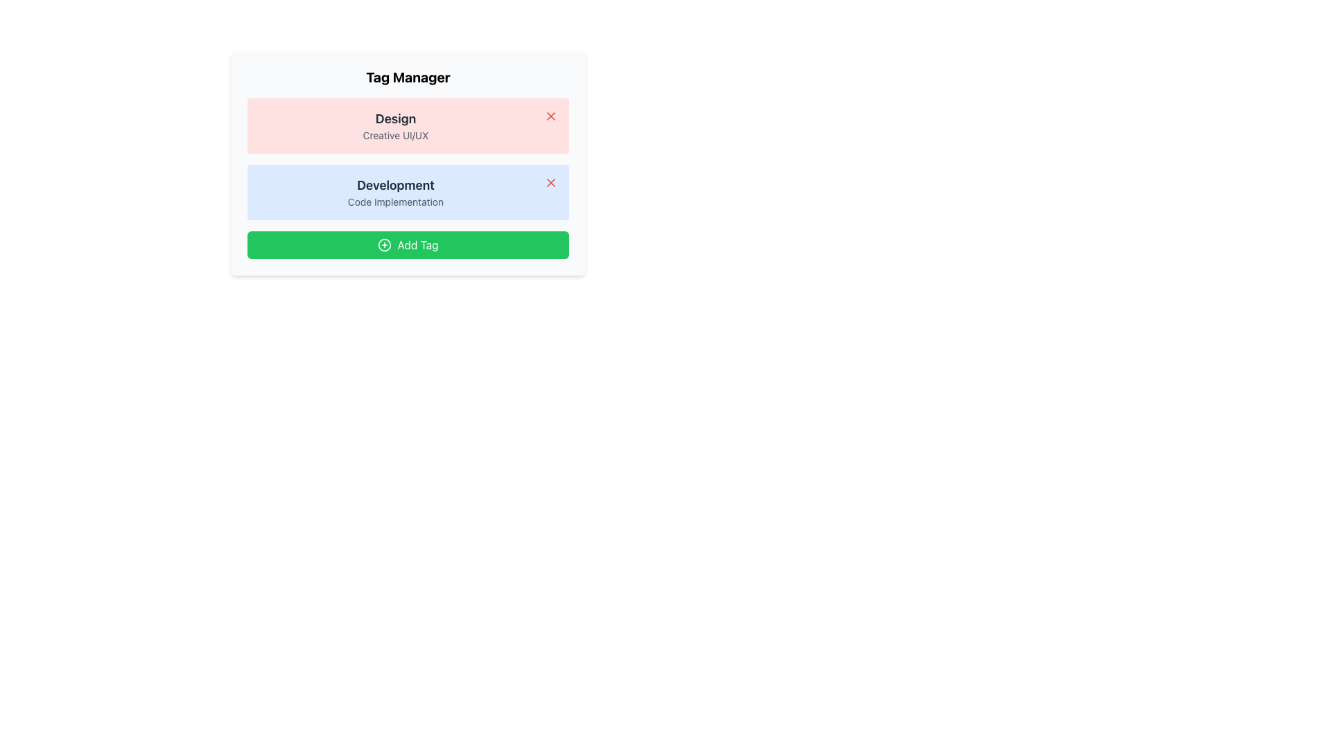 The width and height of the screenshot is (1331, 748). I want to click on the text label that reads 'Code Implementation' located below the 'Development' label, so click(395, 202).